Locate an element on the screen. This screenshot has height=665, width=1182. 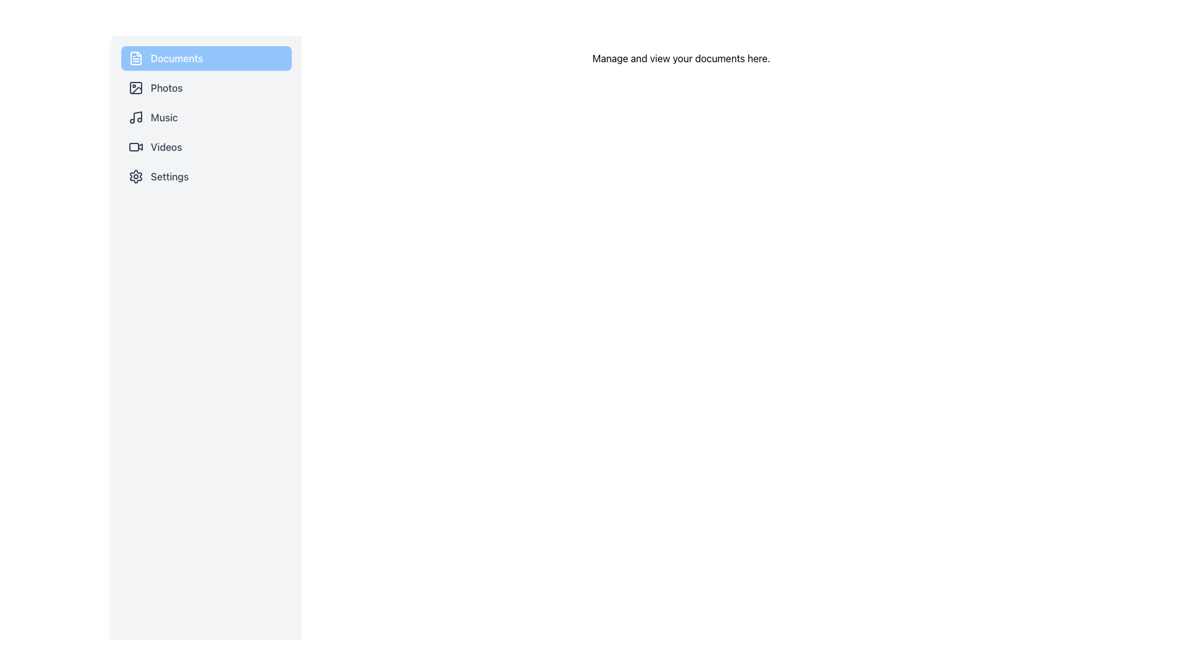
the music note icon located to the left of the 'Music' text in the left-hand navigation panel is located at coordinates (135, 118).